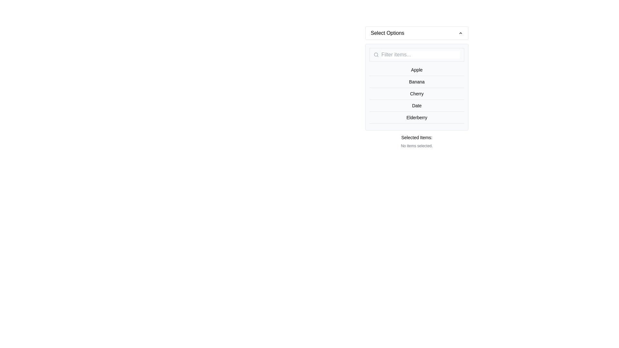  What do you see at coordinates (376, 54) in the screenshot?
I see `the decorative search icon located to the left of the input field labeled 'Filter items...'` at bounding box center [376, 54].